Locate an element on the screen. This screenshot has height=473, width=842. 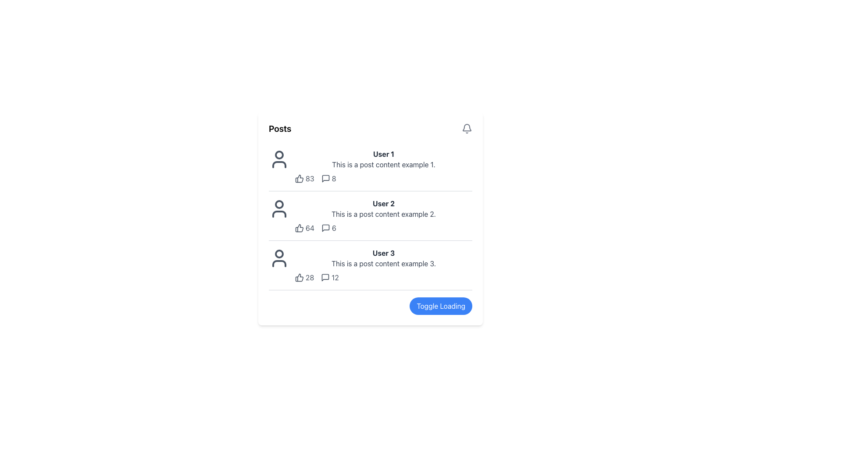
the like icon associated with the second post, positioned to the left of the number '64' is located at coordinates (299, 227).